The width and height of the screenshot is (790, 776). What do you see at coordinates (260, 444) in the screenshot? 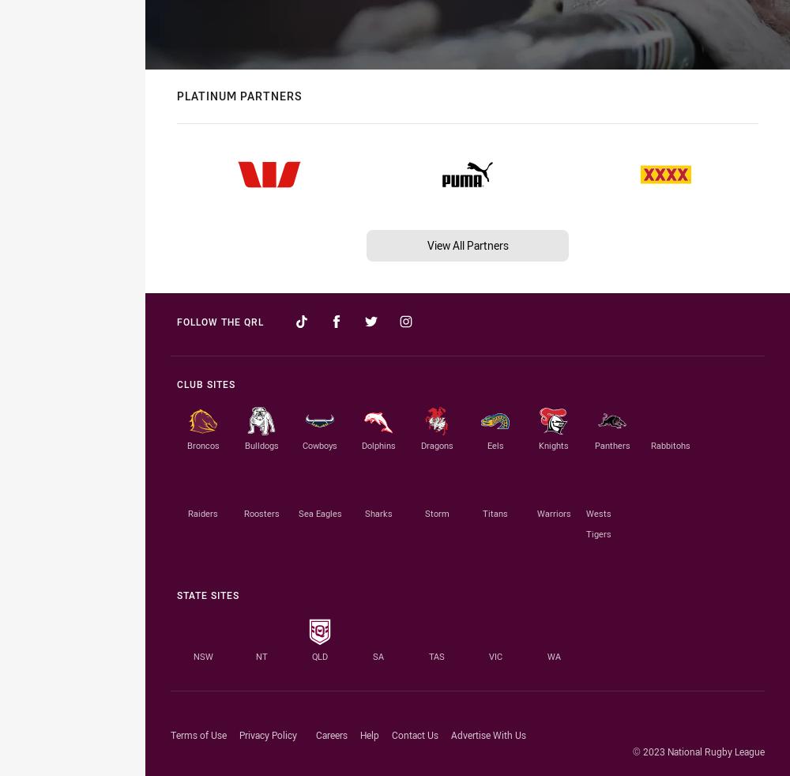
I see `'Bulldogs'` at bounding box center [260, 444].